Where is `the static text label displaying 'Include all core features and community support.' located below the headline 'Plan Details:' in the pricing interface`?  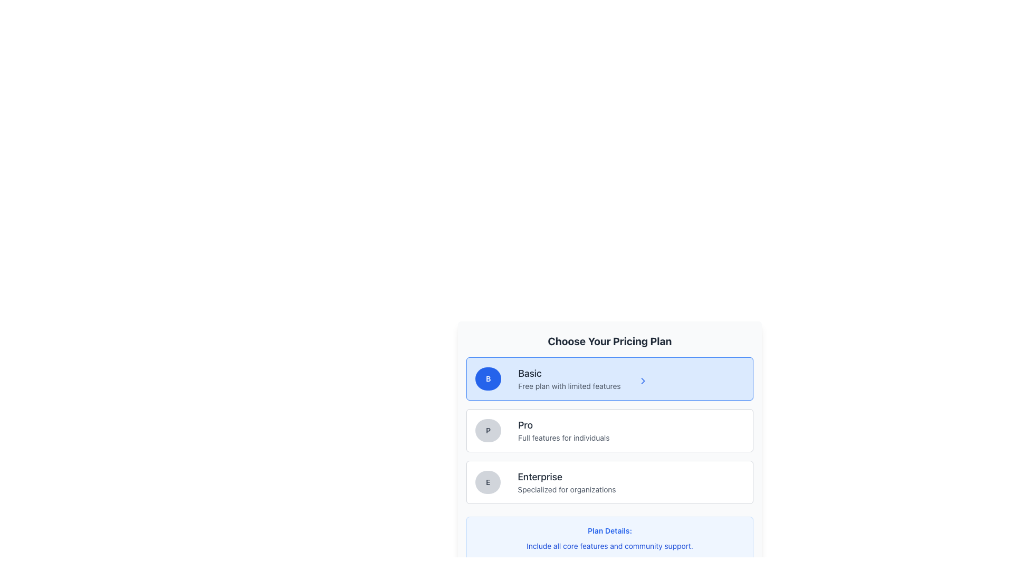 the static text label displaying 'Include all core features and community support.' located below the headline 'Plan Details:' in the pricing interface is located at coordinates (610, 546).